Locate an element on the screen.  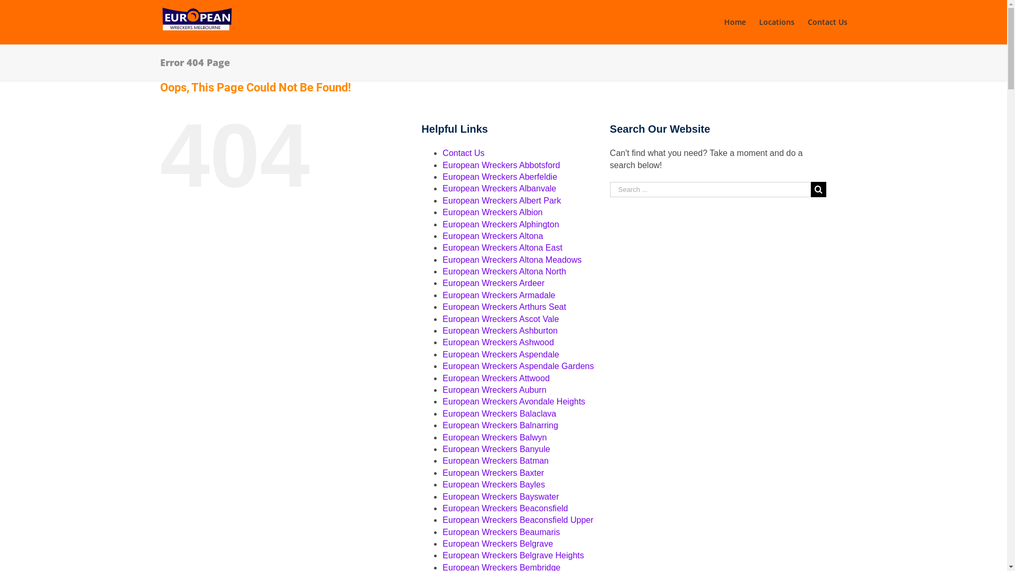
'European Wreckers Altona North' is located at coordinates (504, 271).